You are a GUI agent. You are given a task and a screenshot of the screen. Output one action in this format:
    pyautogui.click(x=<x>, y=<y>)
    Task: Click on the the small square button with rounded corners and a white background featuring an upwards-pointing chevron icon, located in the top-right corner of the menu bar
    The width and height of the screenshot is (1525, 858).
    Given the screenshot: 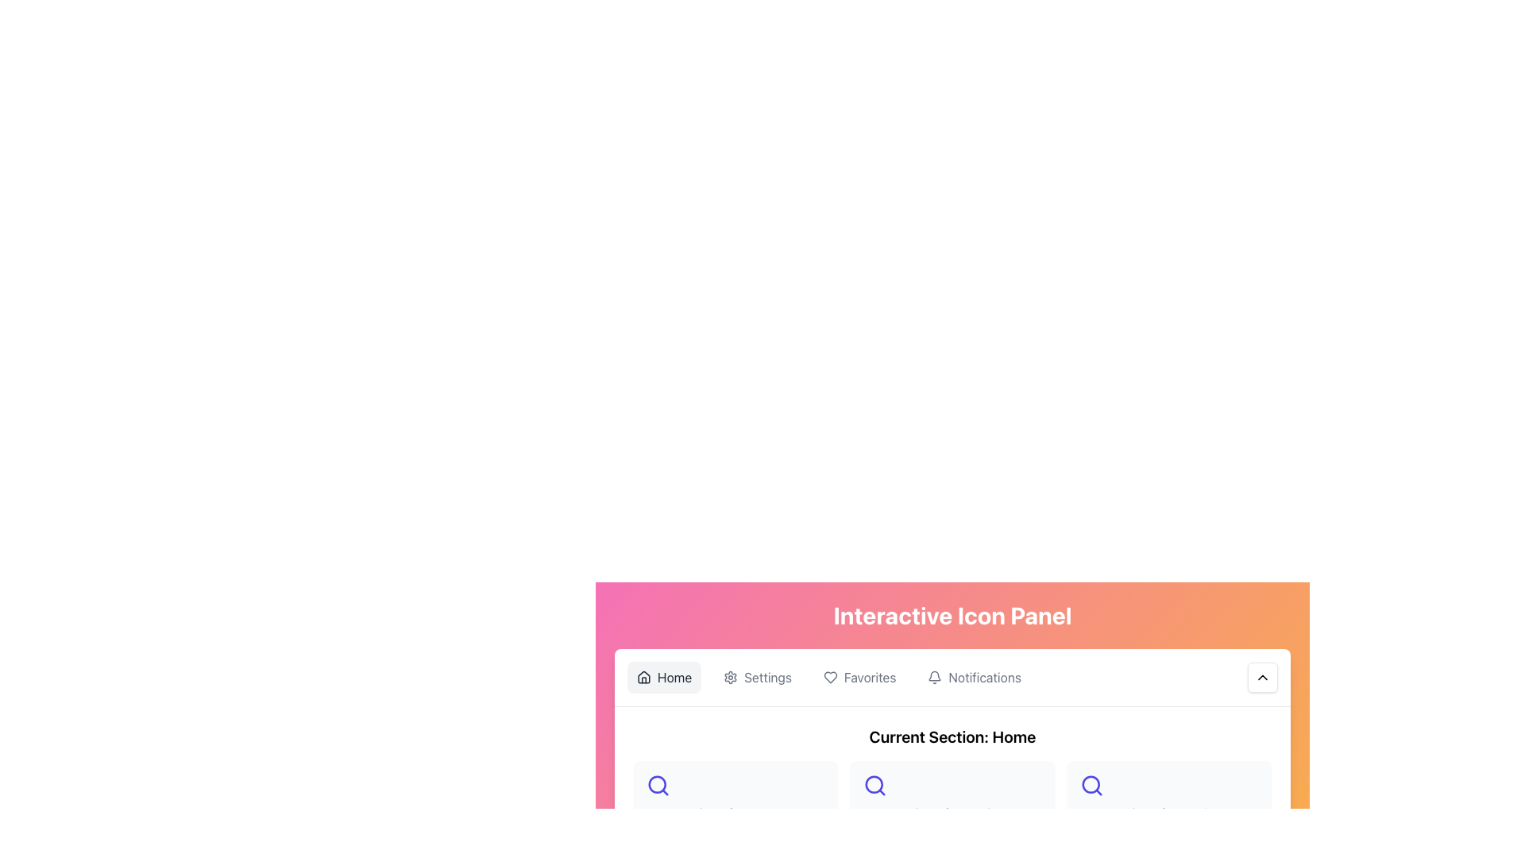 What is the action you would take?
    pyautogui.click(x=1261, y=677)
    